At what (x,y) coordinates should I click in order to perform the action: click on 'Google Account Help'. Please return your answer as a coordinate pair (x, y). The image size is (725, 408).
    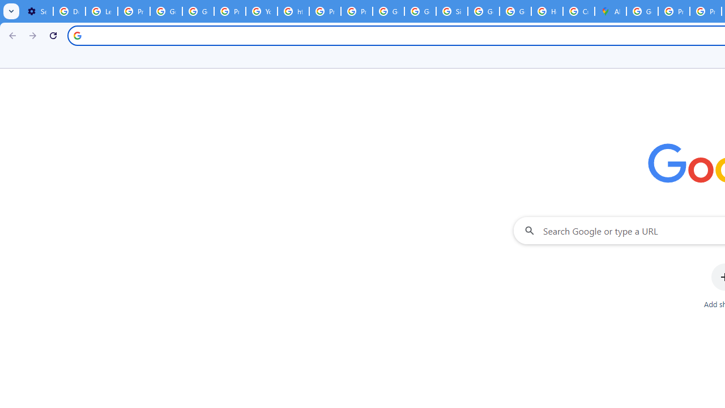
    Looking at the image, I should click on (165, 11).